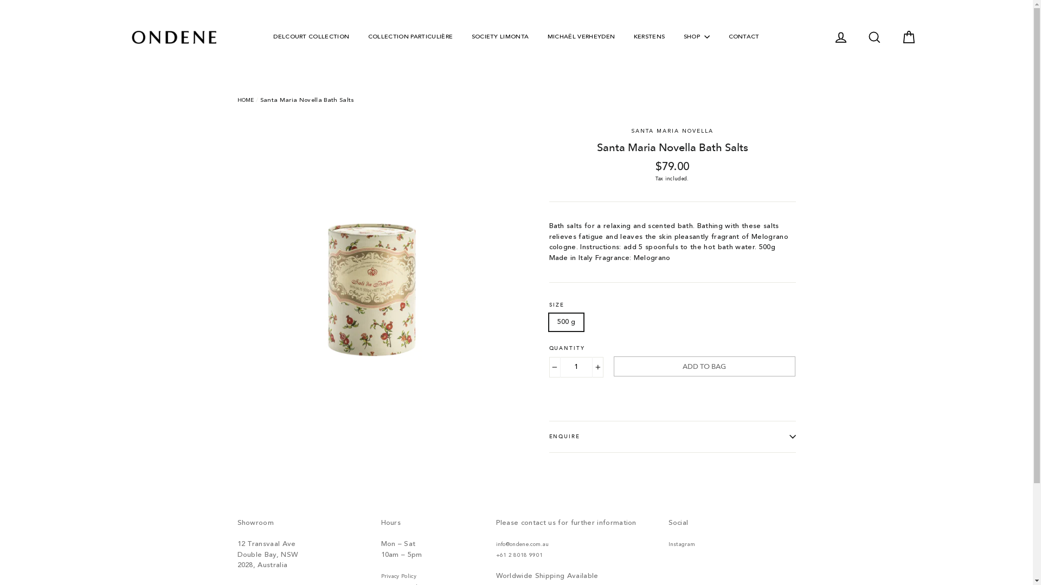 The height and width of the screenshot is (585, 1041). I want to click on 'ADD TO BAG', so click(704, 366).